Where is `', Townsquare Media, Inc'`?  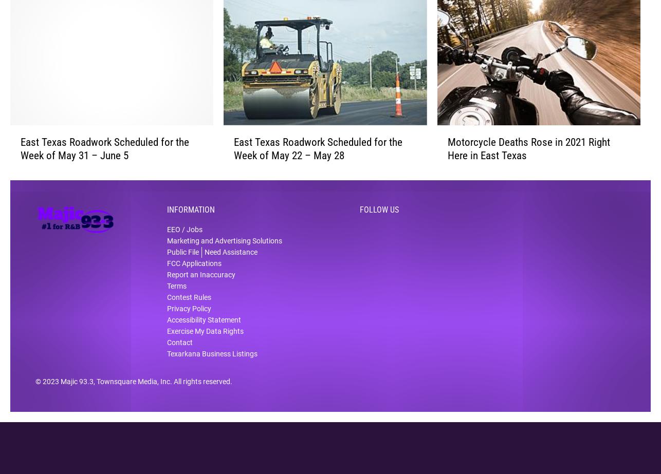 ', Townsquare Media, Inc' is located at coordinates (93, 388).